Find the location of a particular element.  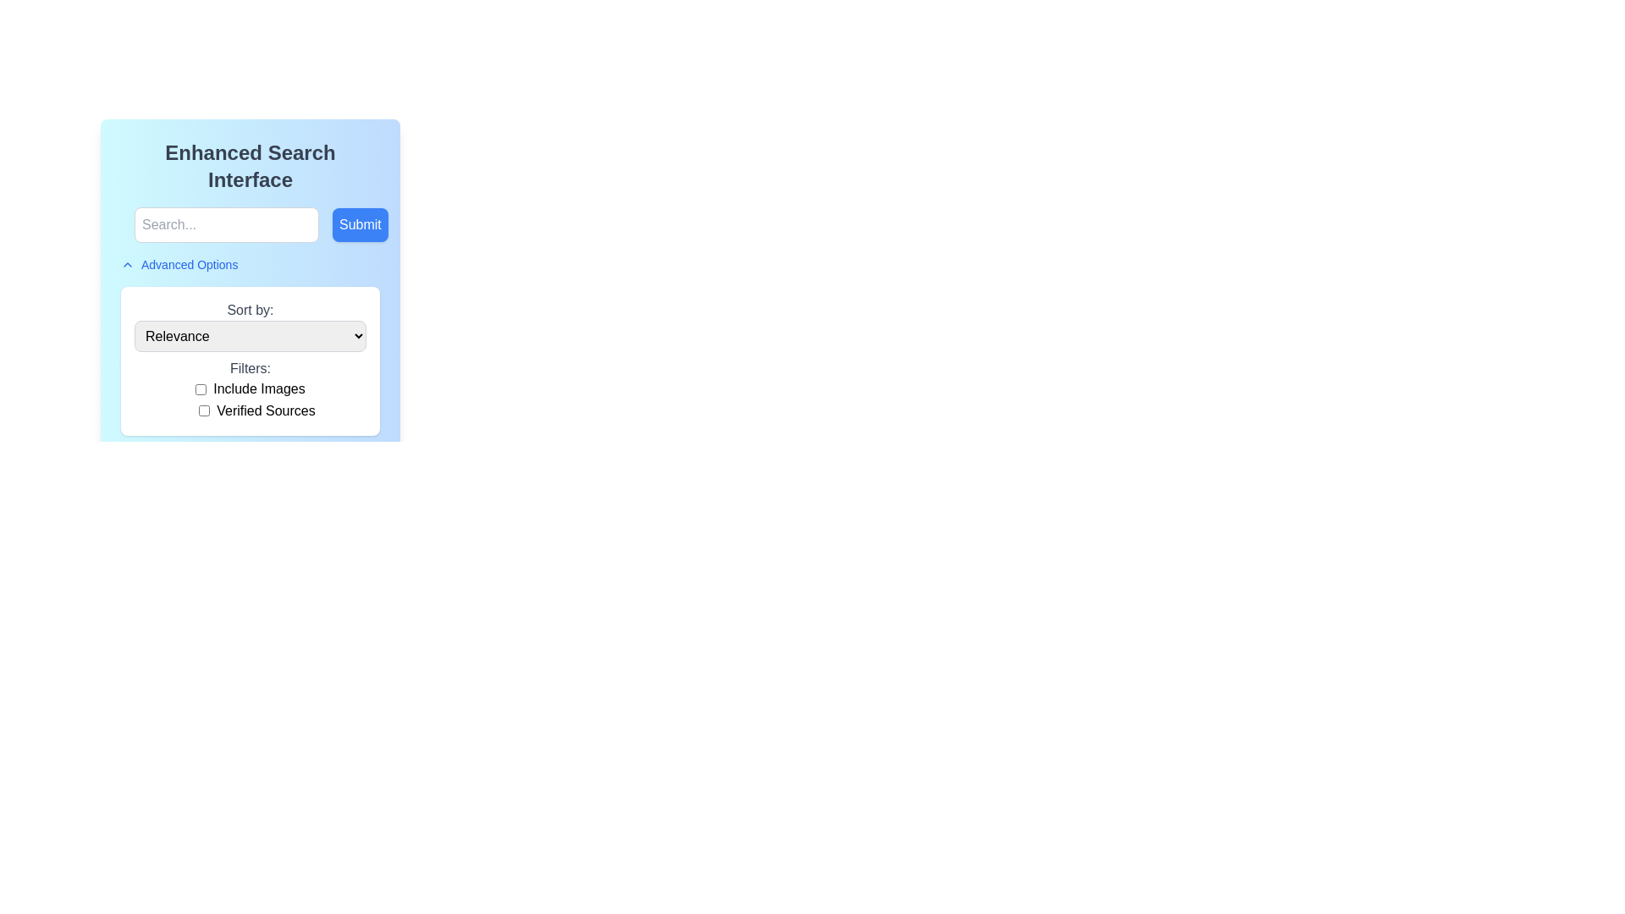

the checkbox that toggles the 'Verified Sources' filter option, located below the 'Filters:' label and to the left of the 'Verified Sources' label is located at coordinates (203, 410).